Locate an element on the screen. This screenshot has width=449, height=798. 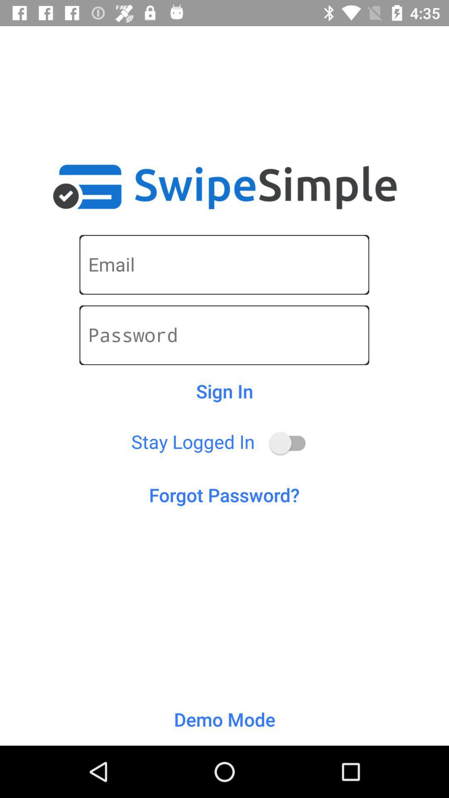
the item to the right of stay logged in icon is located at coordinates (291, 443).